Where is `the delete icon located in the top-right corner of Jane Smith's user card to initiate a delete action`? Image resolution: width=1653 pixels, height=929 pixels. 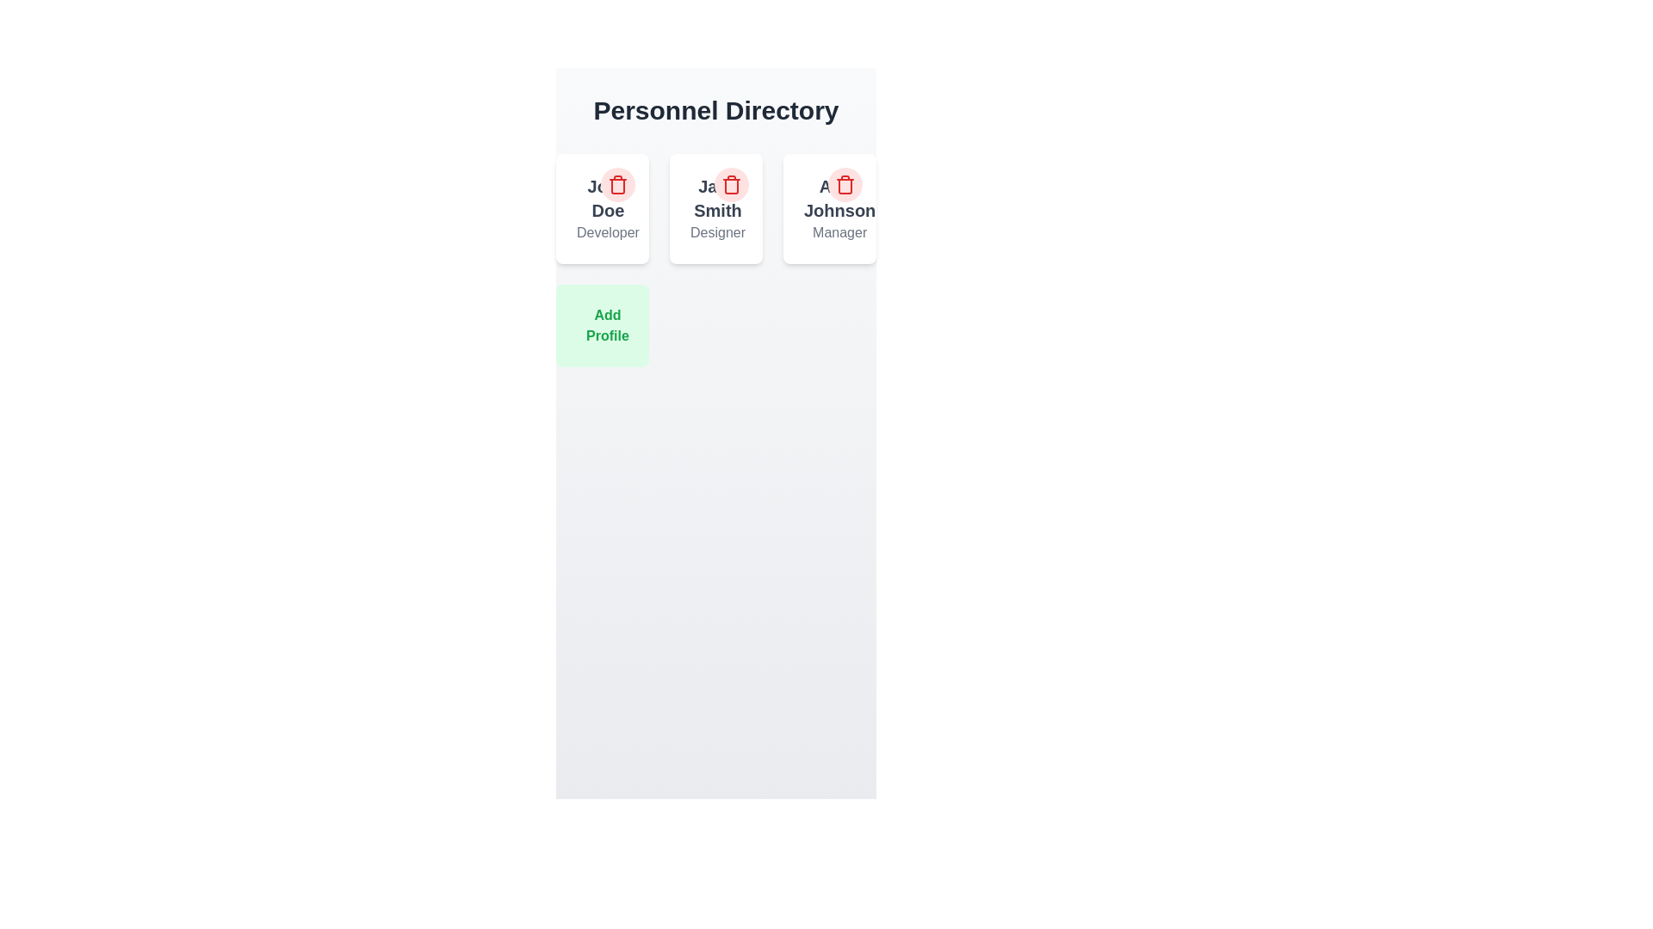
the delete icon located in the top-right corner of Jane Smith's user card to initiate a delete action is located at coordinates (731, 186).